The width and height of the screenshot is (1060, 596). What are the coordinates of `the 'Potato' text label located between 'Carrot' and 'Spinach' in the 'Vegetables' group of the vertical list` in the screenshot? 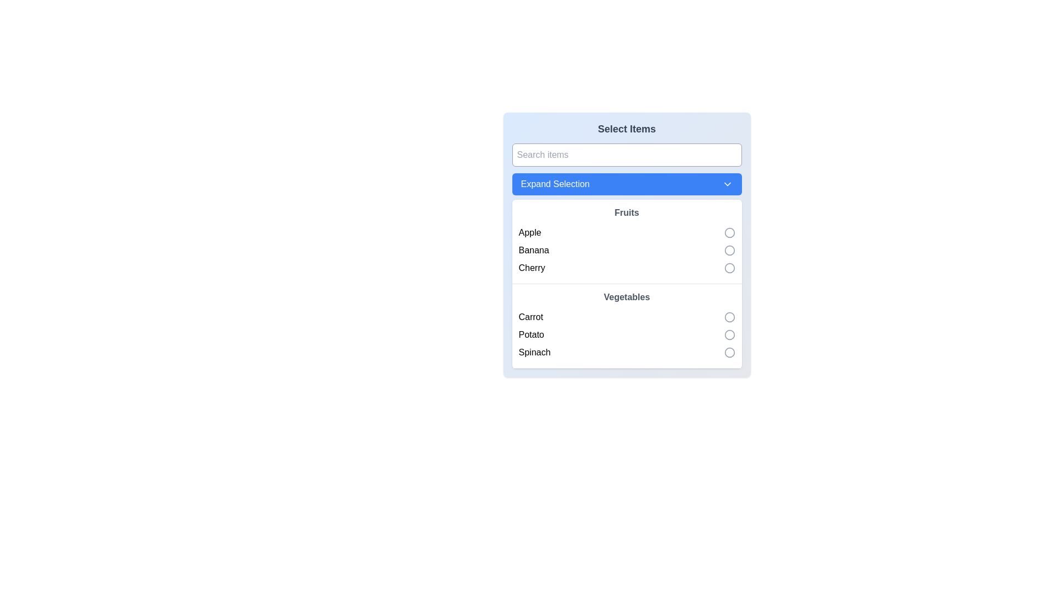 It's located at (531, 334).